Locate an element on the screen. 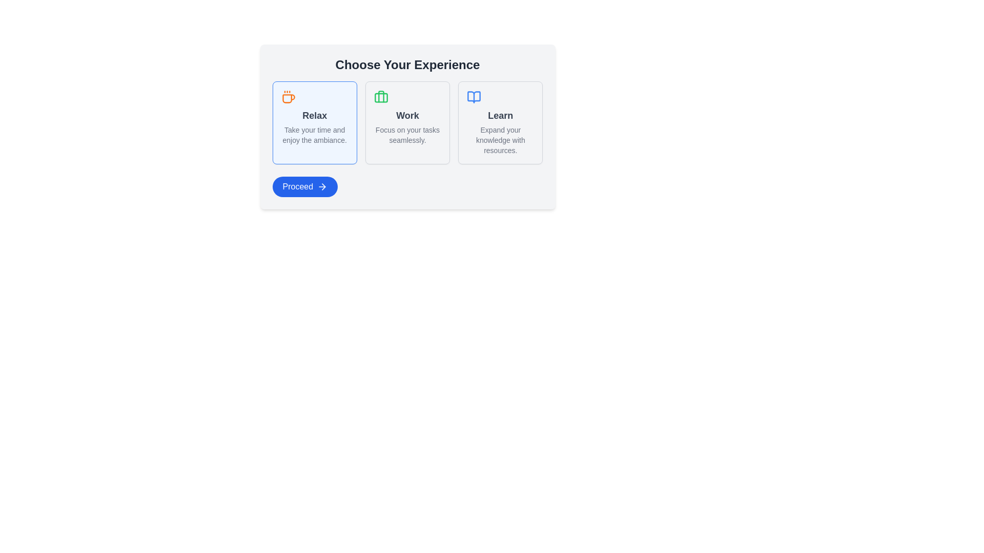 The width and height of the screenshot is (984, 553). the third and rightmost card is located at coordinates (500, 122).